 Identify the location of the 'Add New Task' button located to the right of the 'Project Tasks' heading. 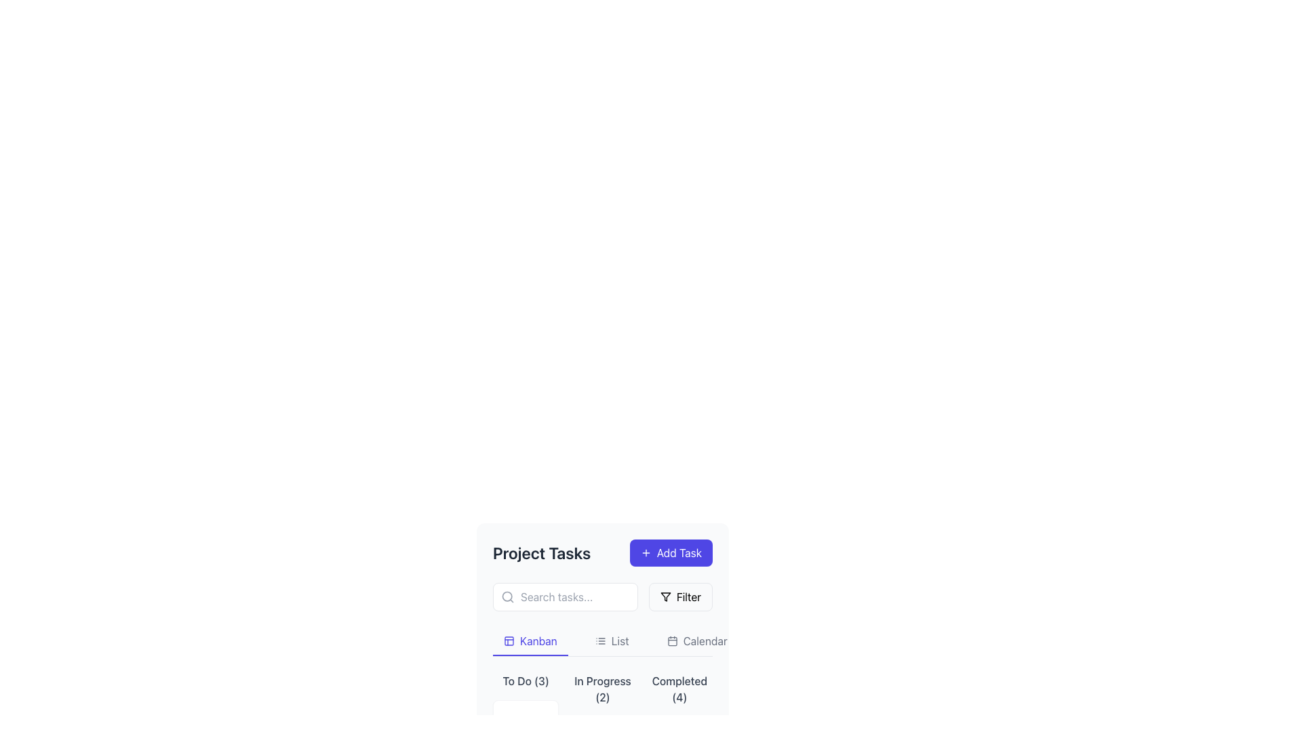
(671, 553).